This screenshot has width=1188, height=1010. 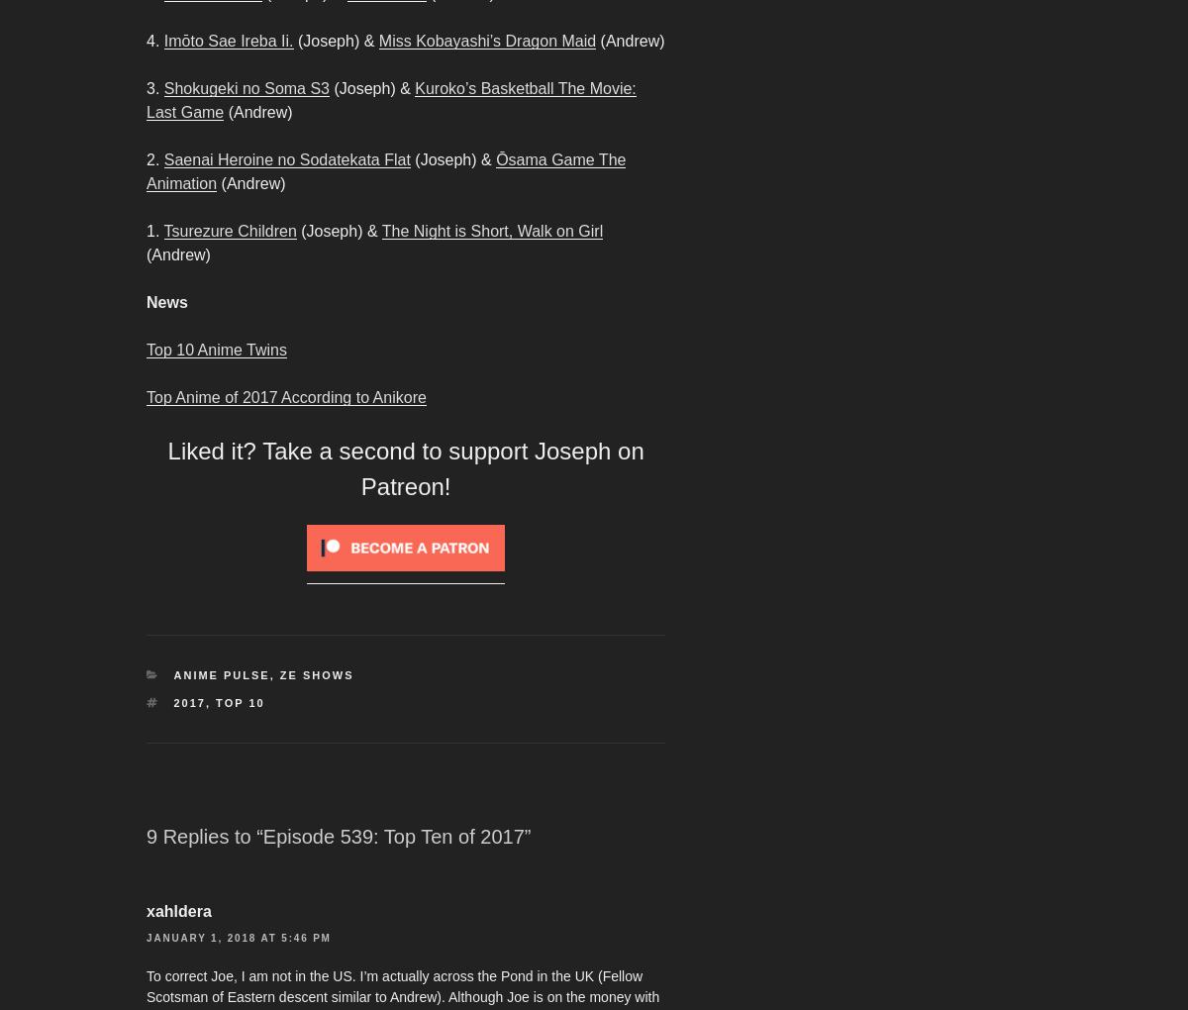 I want to click on 'News', so click(x=165, y=302).